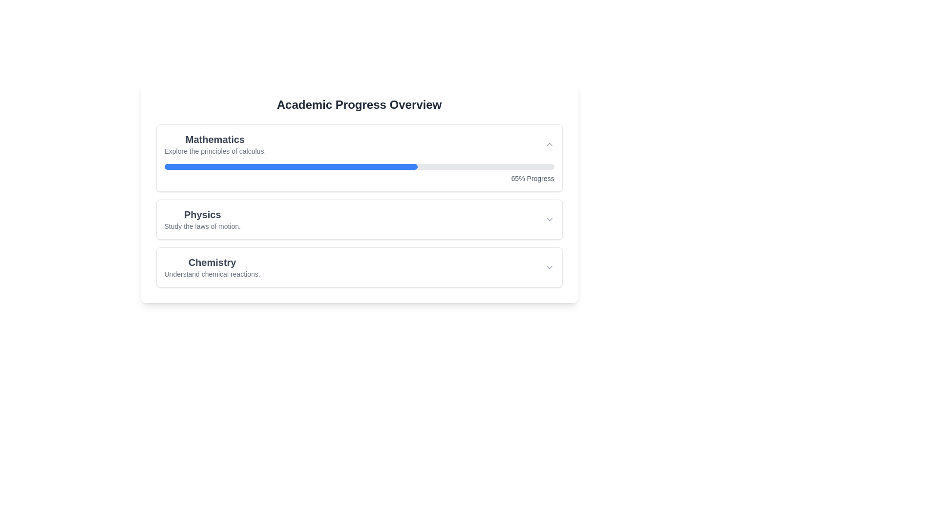 The image size is (938, 527). Describe the element at coordinates (549, 267) in the screenshot. I see `the small, downward-facing gray chevron icon` at that location.